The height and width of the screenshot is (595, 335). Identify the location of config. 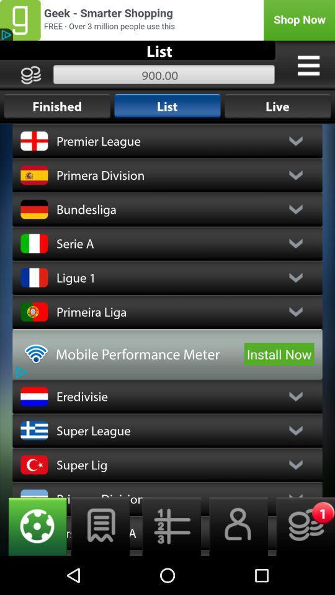
(33, 526).